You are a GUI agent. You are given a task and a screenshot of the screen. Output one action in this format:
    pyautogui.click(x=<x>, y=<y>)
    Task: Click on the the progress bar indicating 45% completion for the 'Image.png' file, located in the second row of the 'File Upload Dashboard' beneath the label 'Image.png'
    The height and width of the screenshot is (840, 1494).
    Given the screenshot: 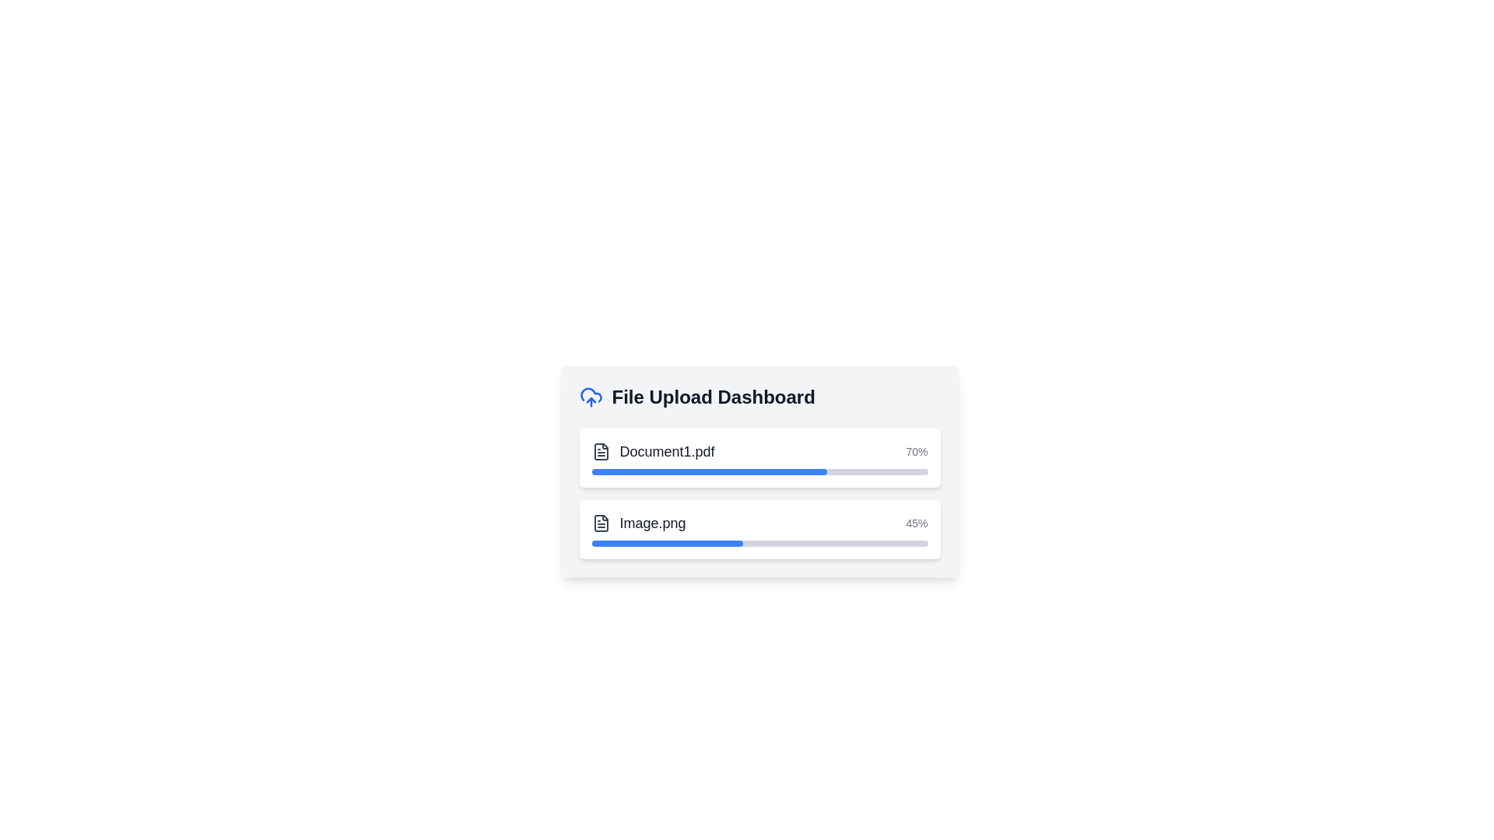 What is the action you would take?
    pyautogui.click(x=759, y=542)
    